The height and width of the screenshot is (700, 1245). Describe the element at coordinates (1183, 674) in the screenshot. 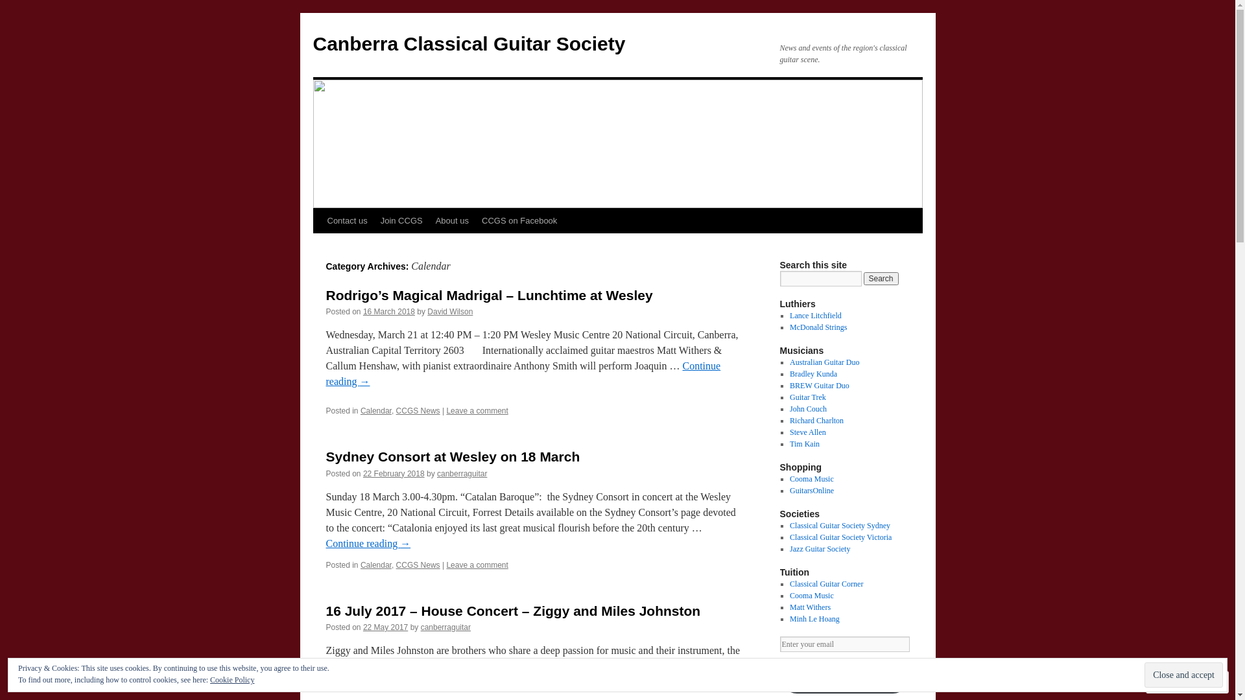

I see `'Close and accept'` at that location.